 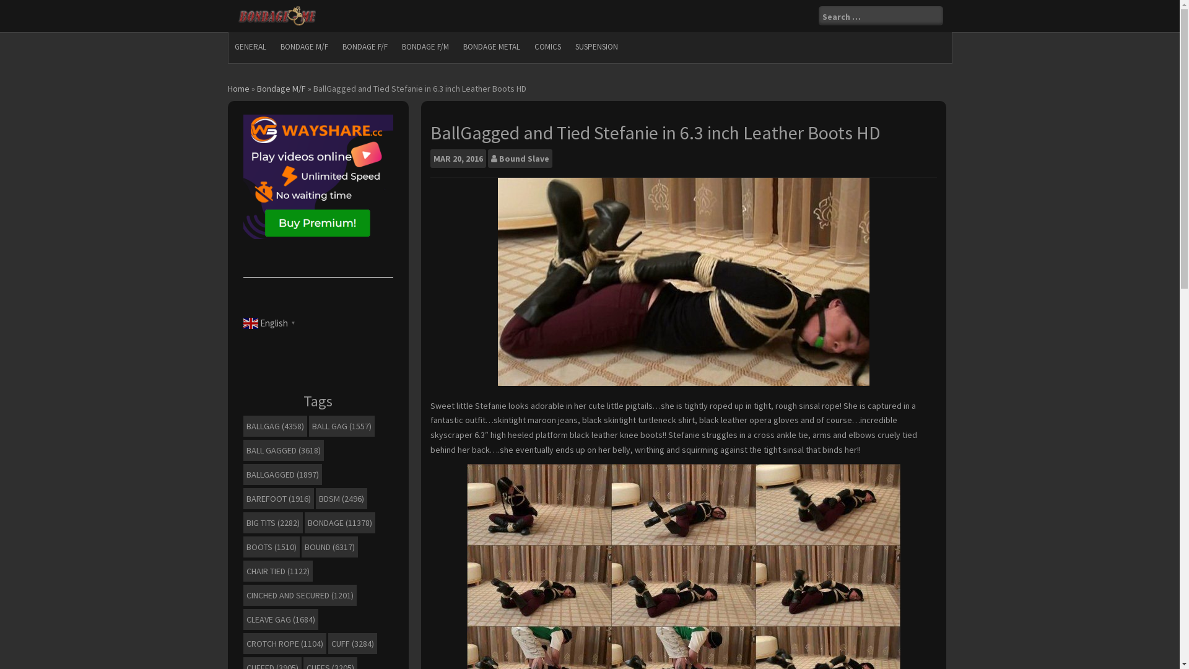 I want to click on 'BIG TITS (2282)', so click(x=272, y=523).